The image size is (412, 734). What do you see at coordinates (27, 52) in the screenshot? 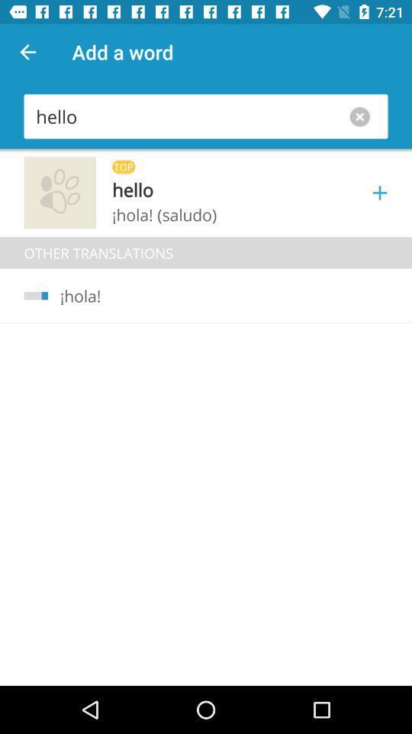
I see `icon to the left of add a word app` at bounding box center [27, 52].